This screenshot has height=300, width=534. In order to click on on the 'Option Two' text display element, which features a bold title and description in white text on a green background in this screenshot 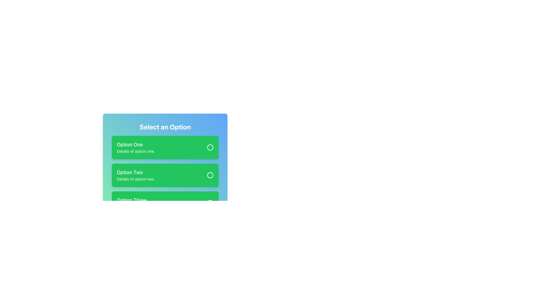, I will do `click(136, 175)`.